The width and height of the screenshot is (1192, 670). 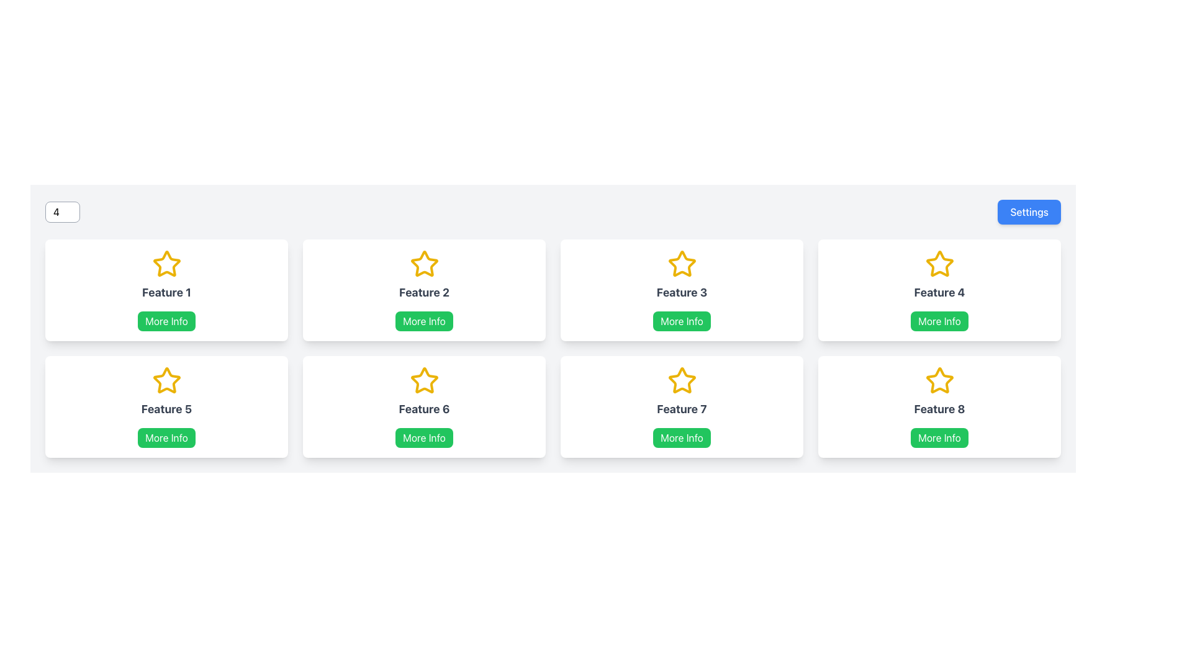 What do you see at coordinates (166, 409) in the screenshot?
I see `text label displaying 'Feature 5', which is centrally aligned below a star icon and above a green 'More Info' button in the card structure` at bounding box center [166, 409].